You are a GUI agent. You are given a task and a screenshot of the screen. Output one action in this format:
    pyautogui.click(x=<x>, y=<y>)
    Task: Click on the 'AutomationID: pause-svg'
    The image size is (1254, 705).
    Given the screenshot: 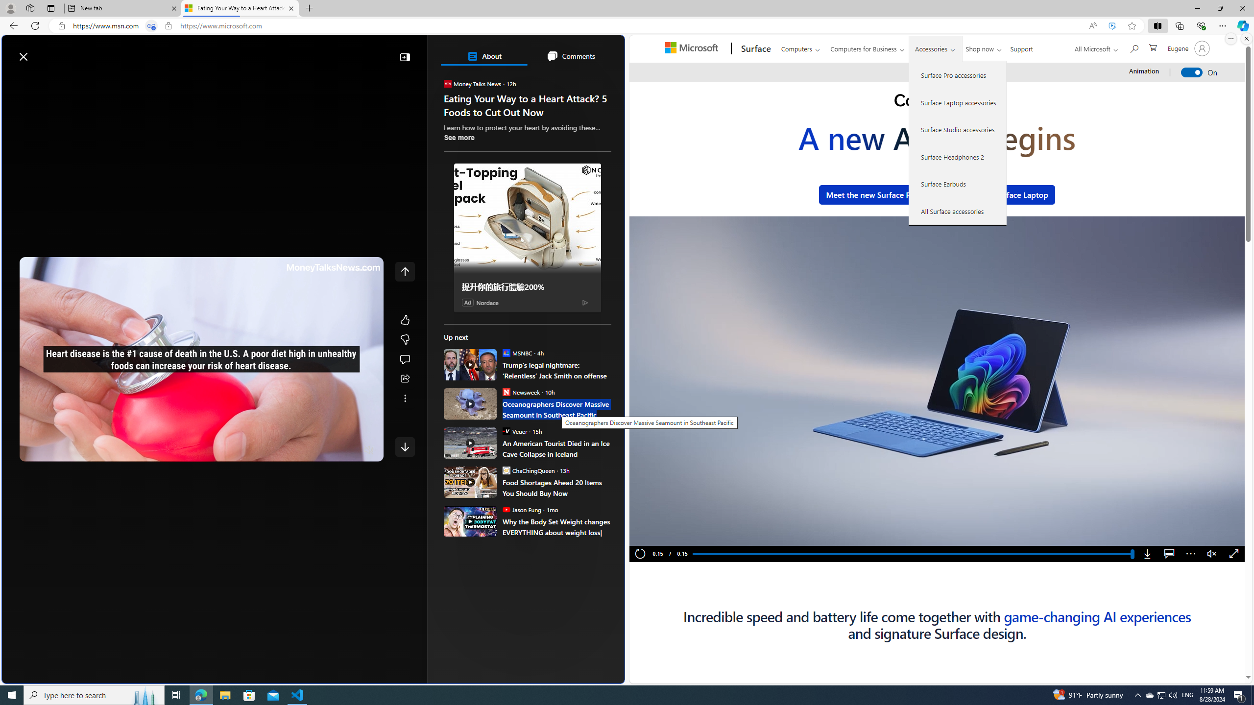 What is the action you would take?
    pyautogui.click(x=657, y=535)
    